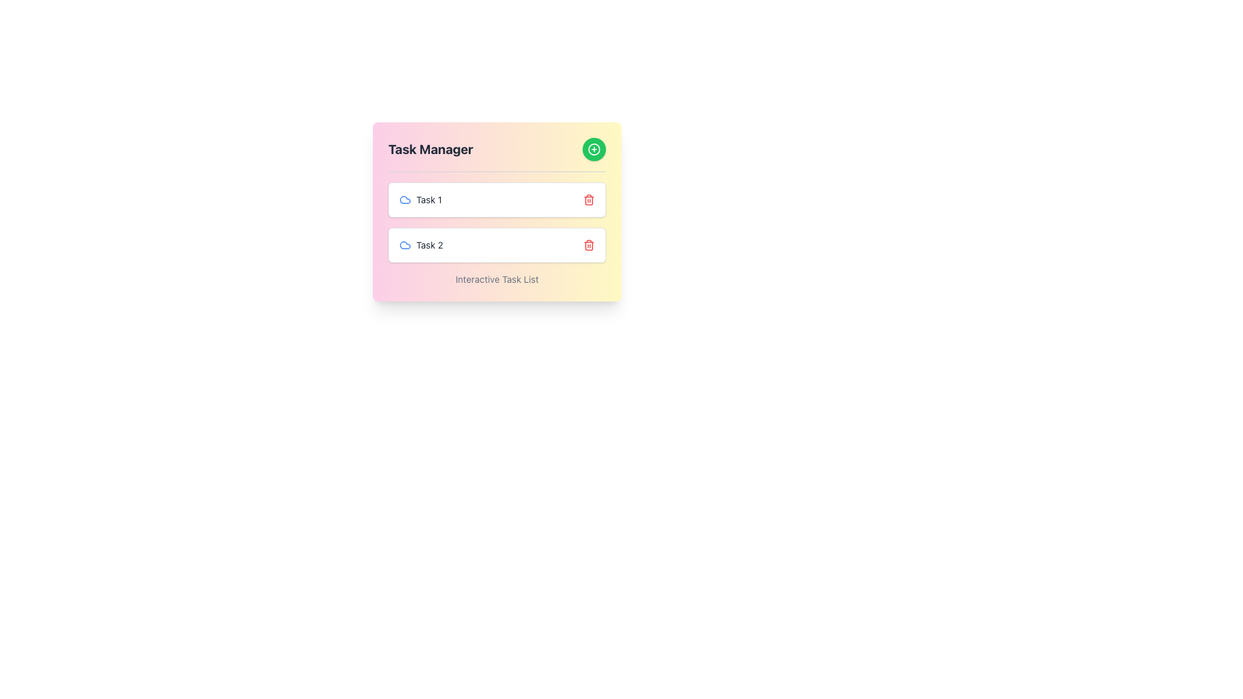  What do you see at coordinates (404, 245) in the screenshot?
I see `the cloud-shaped blue icon that serves as an identifier for 'Task 1' in the 'Task Manager' widget` at bounding box center [404, 245].